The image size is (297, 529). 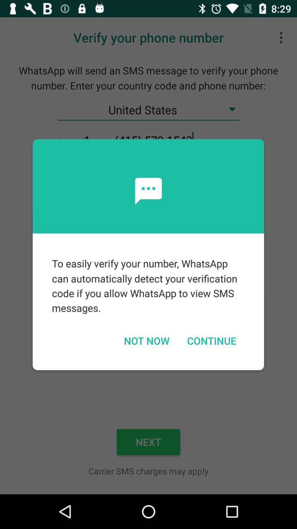 What do you see at coordinates (146, 340) in the screenshot?
I see `the icon to the left of continue icon` at bounding box center [146, 340].